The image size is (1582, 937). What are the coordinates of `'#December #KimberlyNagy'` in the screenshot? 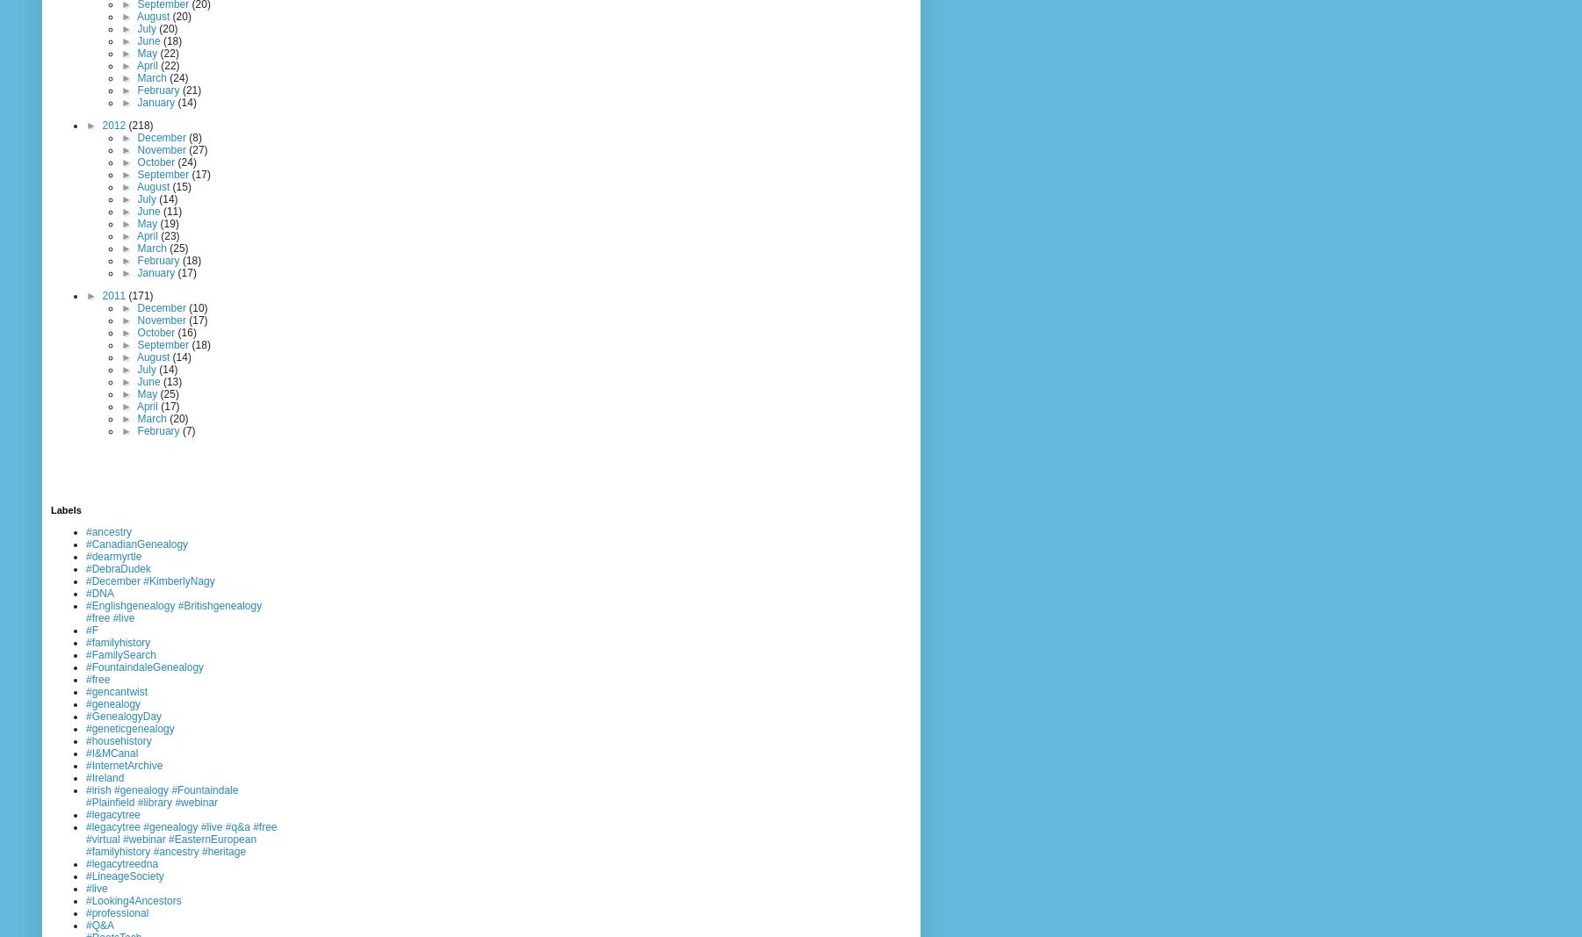 It's located at (149, 580).